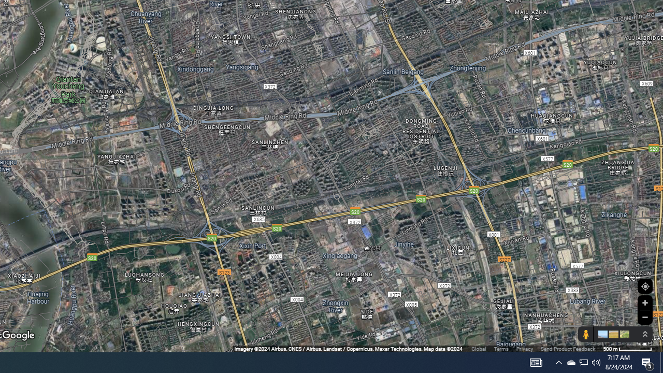 Image resolution: width=663 pixels, height=373 pixels. I want to click on 'Show imagery', so click(623, 334).